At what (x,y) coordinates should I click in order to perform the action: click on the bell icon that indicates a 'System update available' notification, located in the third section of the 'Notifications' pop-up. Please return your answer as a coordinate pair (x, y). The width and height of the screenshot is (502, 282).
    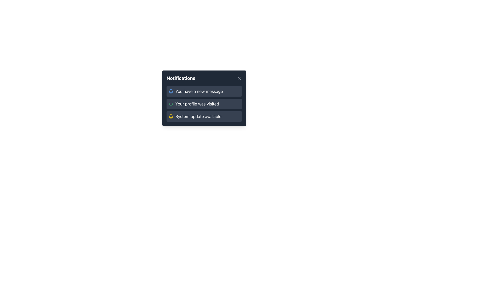
    Looking at the image, I should click on (171, 116).